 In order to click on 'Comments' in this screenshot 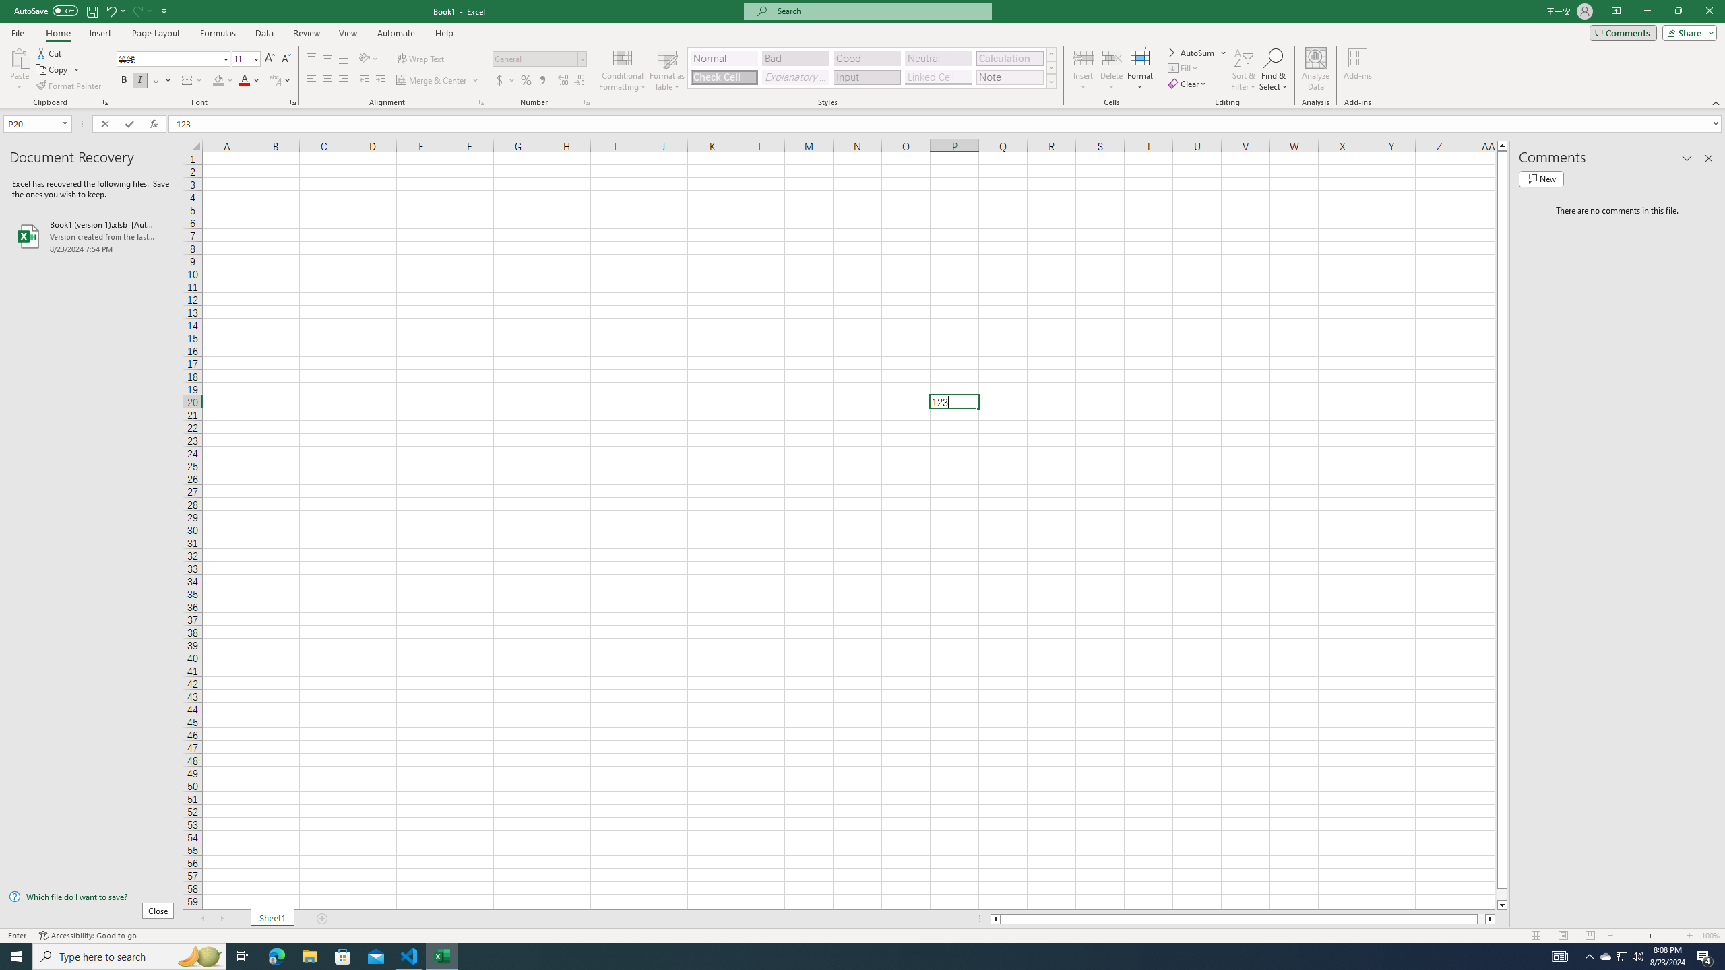, I will do `click(1623, 32)`.